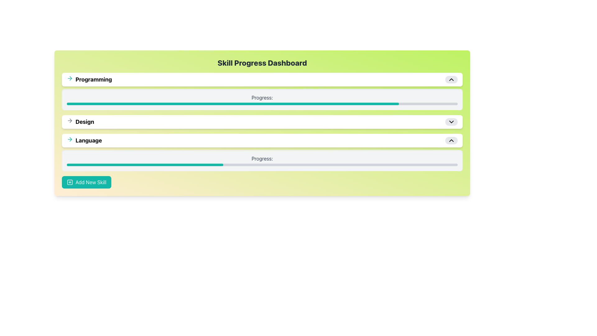 This screenshot has width=597, height=336. Describe the element at coordinates (451, 122) in the screenshot. I see `the button at the far right of the 'Design' section` at that location.